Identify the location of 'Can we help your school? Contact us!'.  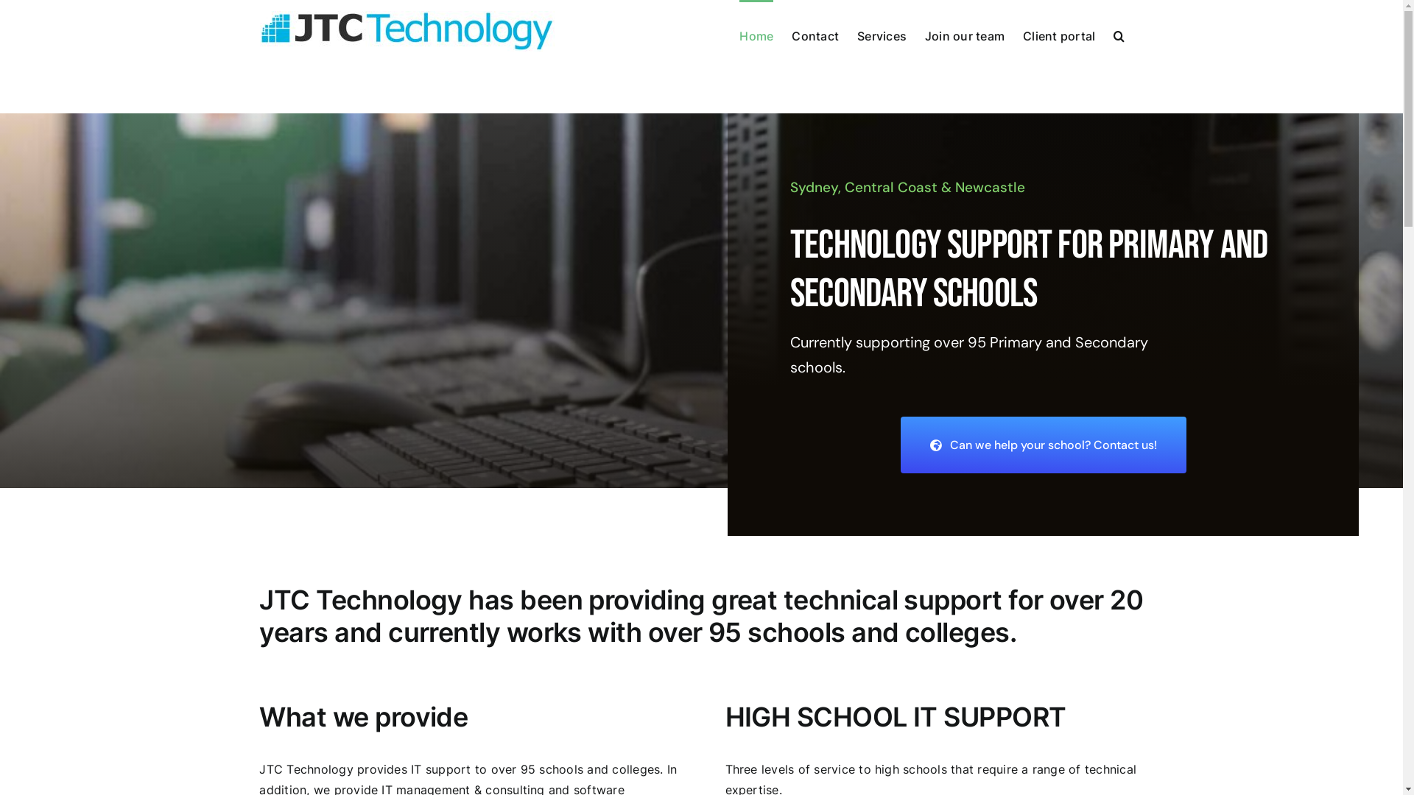
(1042, 444).